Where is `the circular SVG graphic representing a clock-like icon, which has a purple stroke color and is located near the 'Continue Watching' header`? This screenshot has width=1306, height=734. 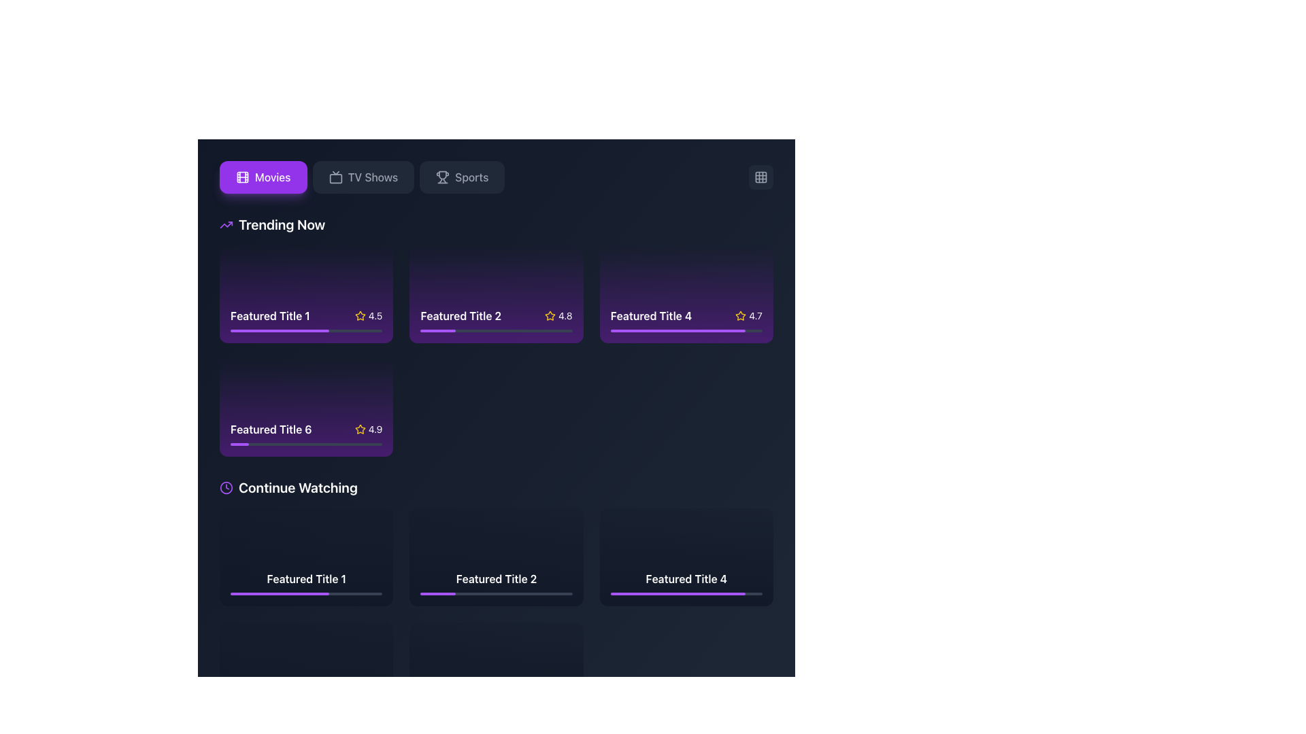 the circular SVG graphic representing a clock-like icon, which has a purple stroke color and is located near the 'Continue Watching' header is located at coordinates (226, 487).